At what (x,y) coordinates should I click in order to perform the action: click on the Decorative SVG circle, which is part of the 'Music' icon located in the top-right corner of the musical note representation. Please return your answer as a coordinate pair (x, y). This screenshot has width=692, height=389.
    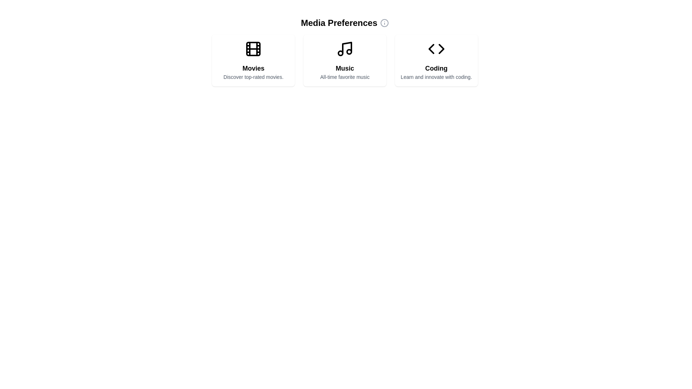
    Looking at the image, I should click on (349, 51).